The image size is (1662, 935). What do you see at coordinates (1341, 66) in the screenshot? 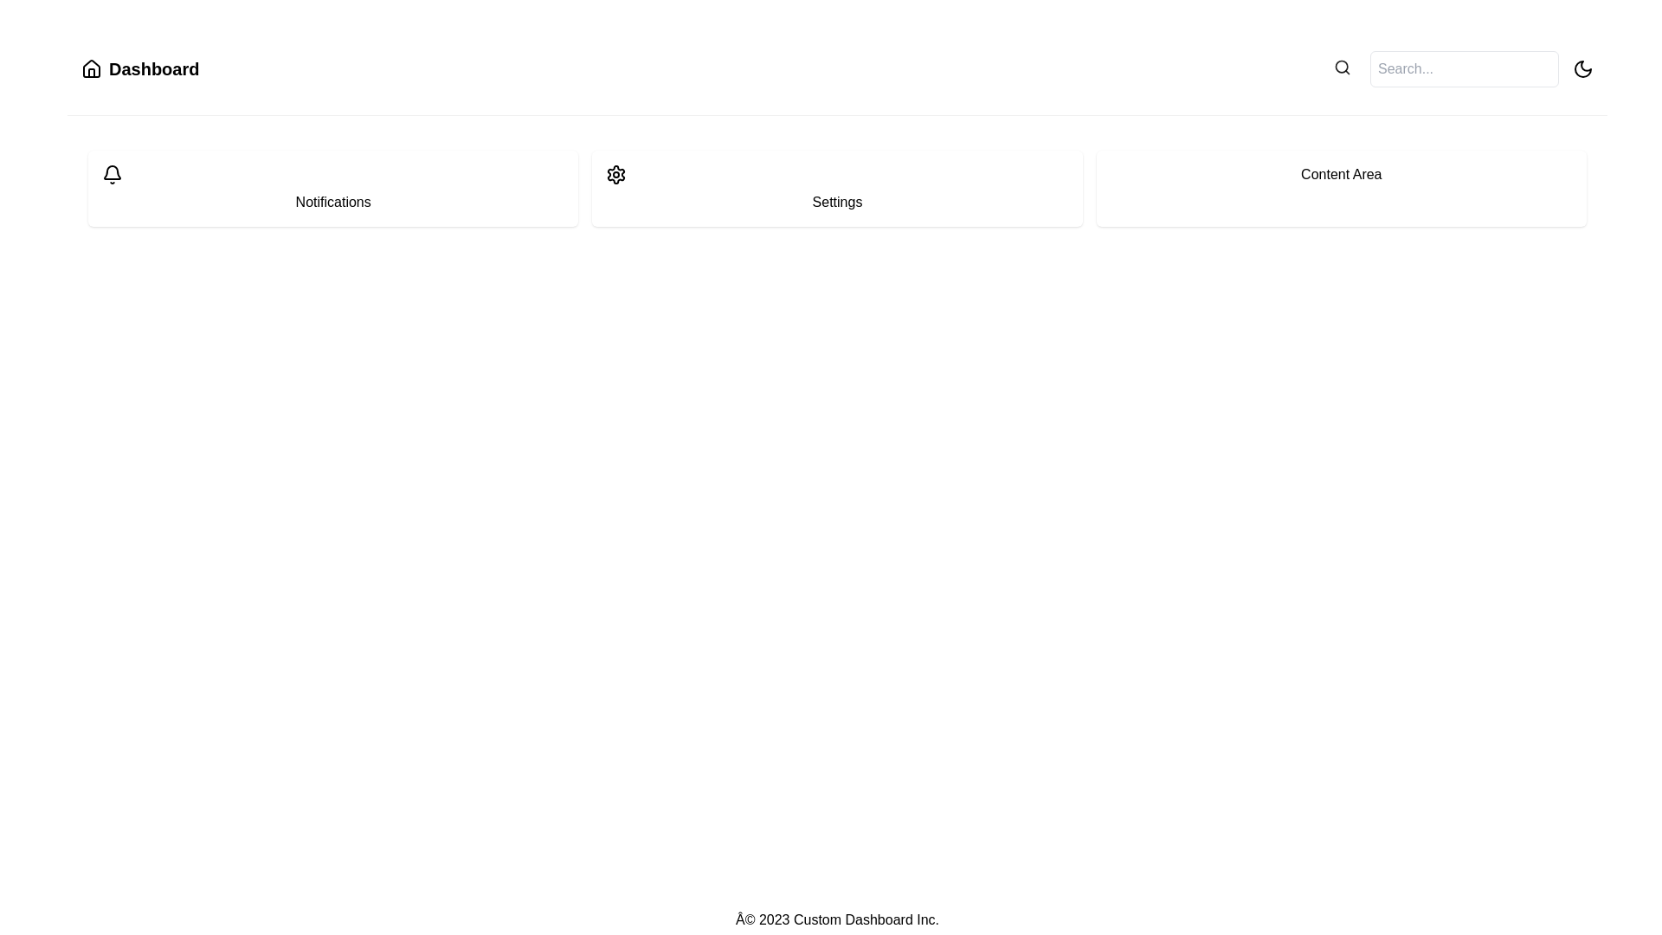
I see `the circle element within the SVG that represents the lens of the search magnifier icon, located at the top-right corner of the interface` at bounding box center [1341, 66].